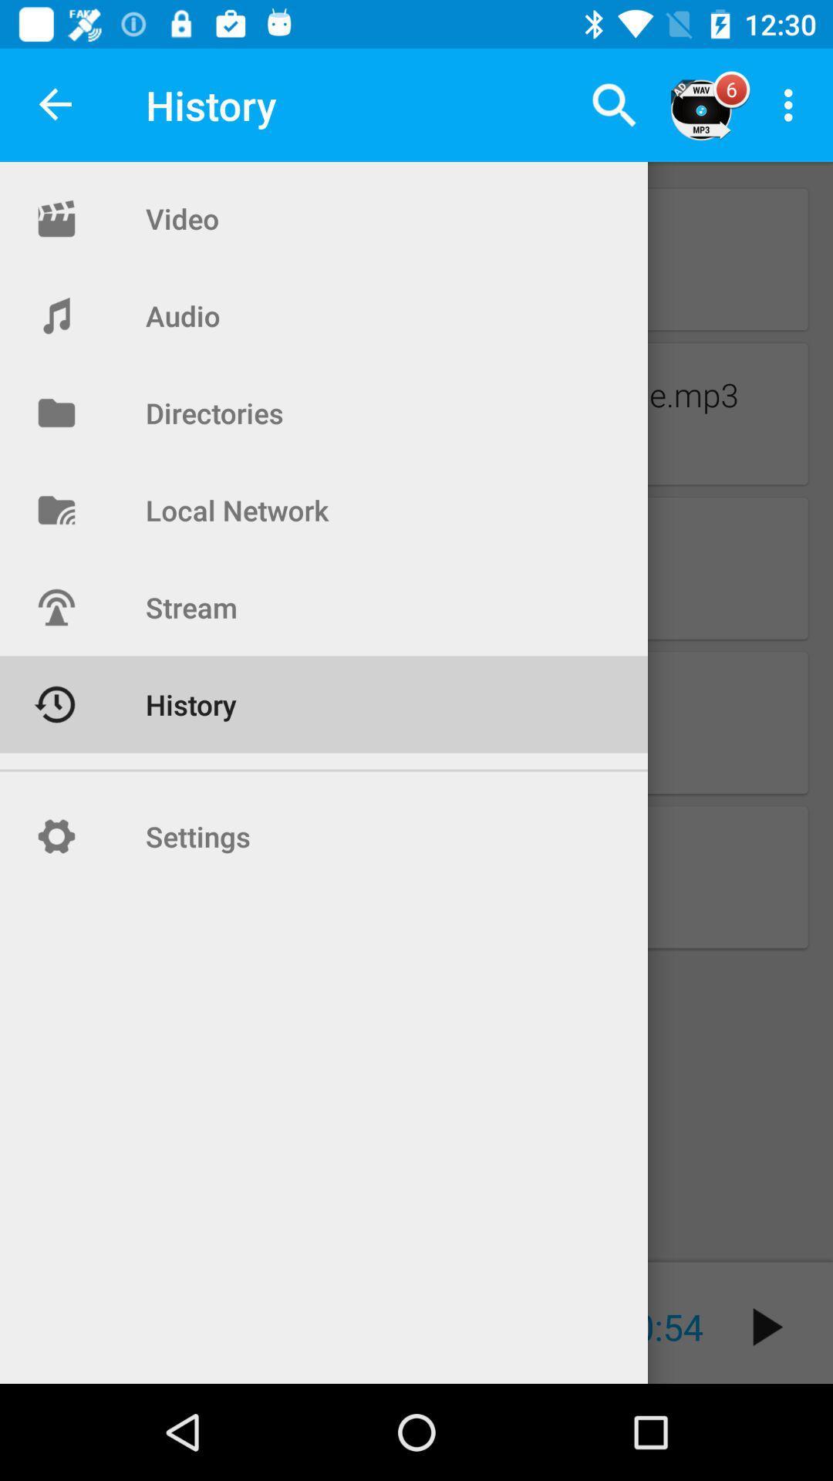 The height and width of the screenshot is (1481, 833). I want to click on the play icon, so click(767, 1326).